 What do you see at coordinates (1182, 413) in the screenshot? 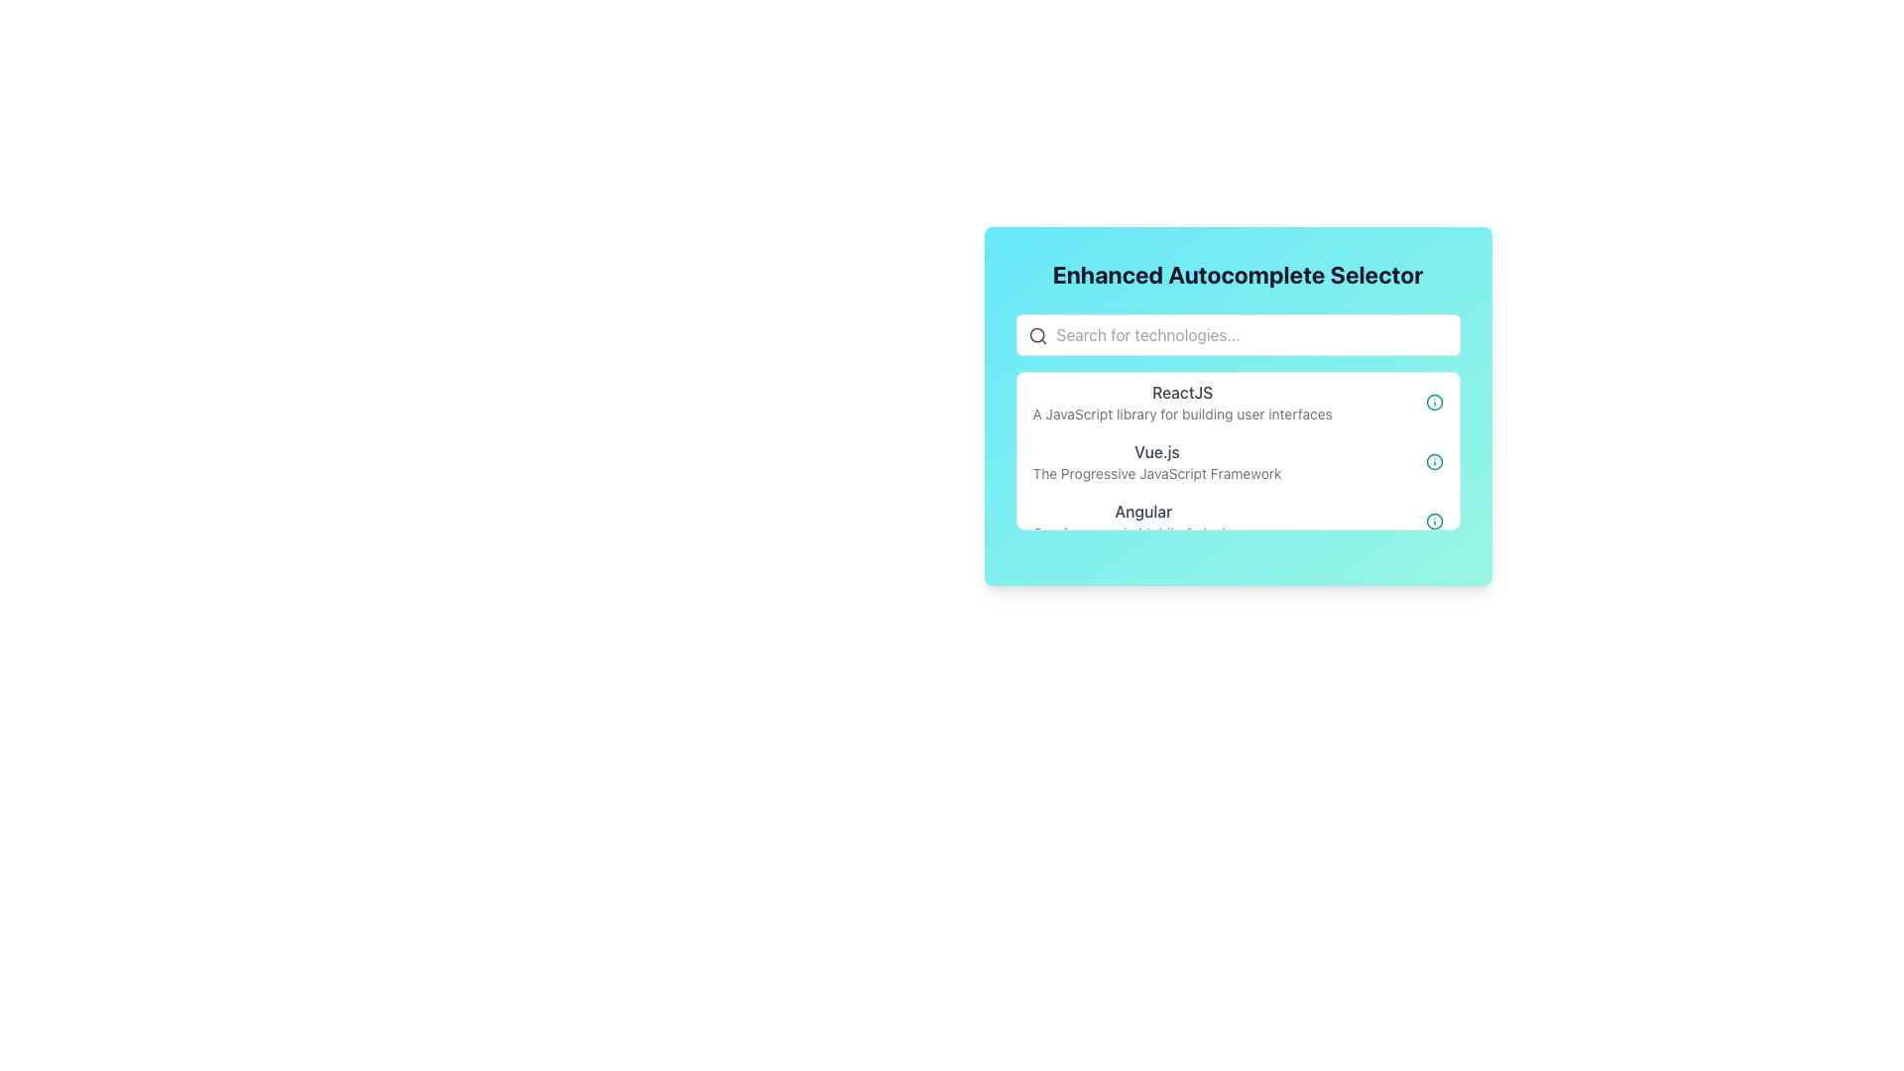
I see `text label that contains 'A JavaScript library for building user interfaces', located beneath the 'ReactJS' text in a card-like interface` at bounding box center [1182, 413].